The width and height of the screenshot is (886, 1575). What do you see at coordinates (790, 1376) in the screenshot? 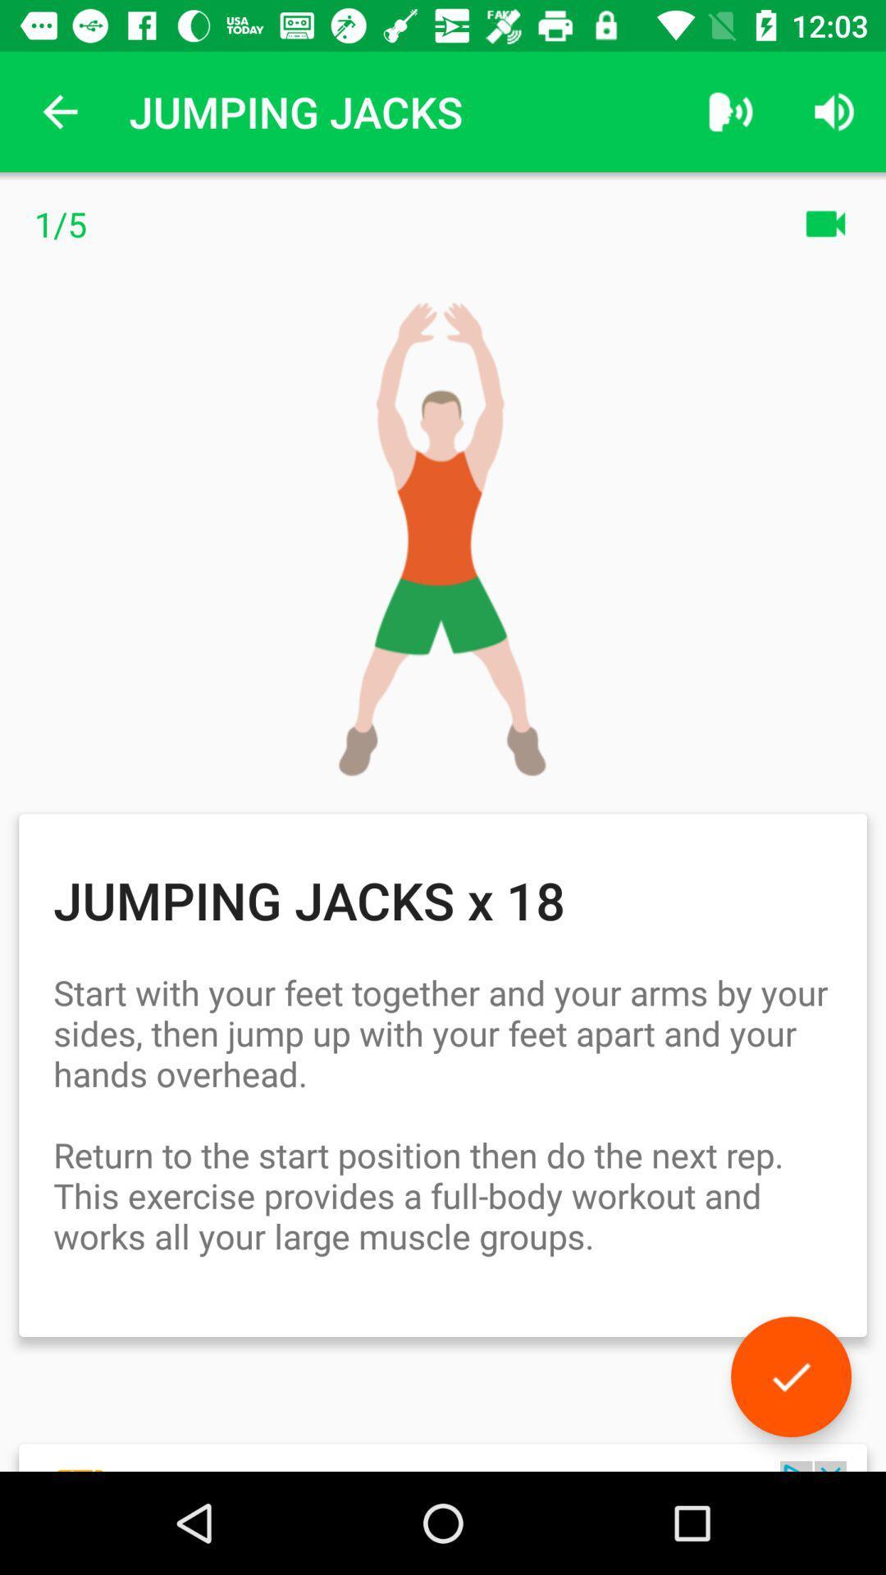
I see `because back devicer` at bounding box center [790, 1376].